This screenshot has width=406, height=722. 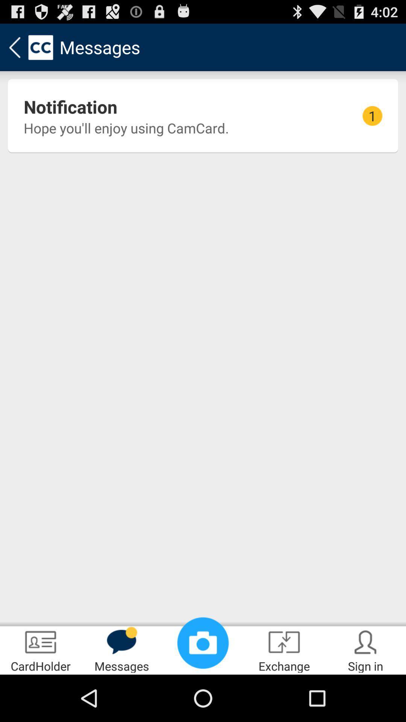 What do you see at coordinates (41, 649) in the screenshot?
I see `cardholder` at bounding box center [41, 649].